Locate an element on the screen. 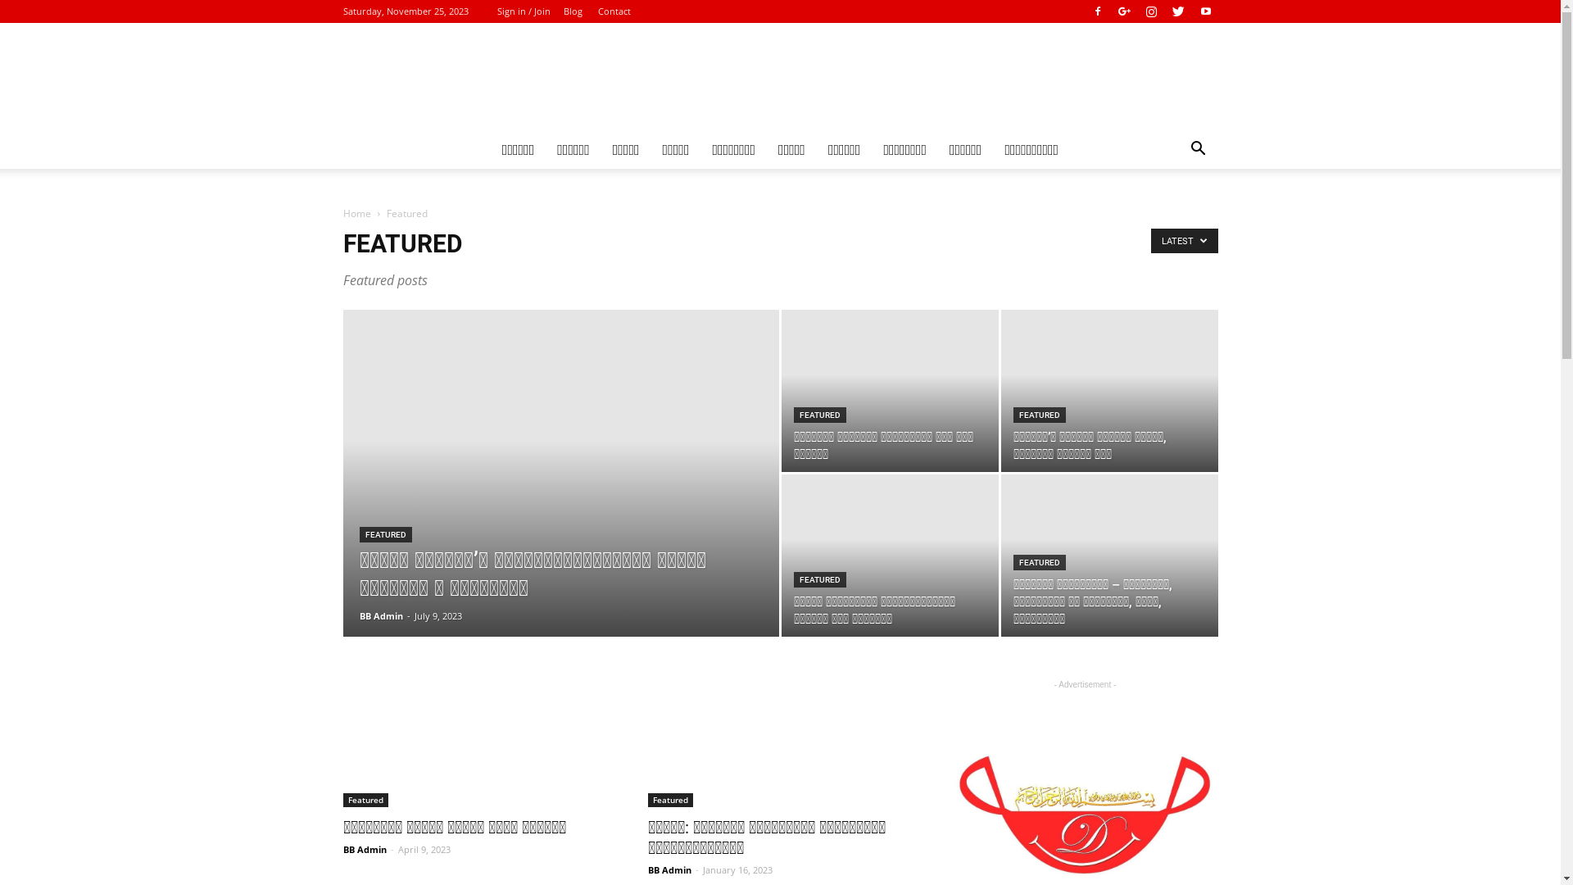 This screenshot has height=885, width=1573. 'Youtube' is located at coordinates (1204, 11).